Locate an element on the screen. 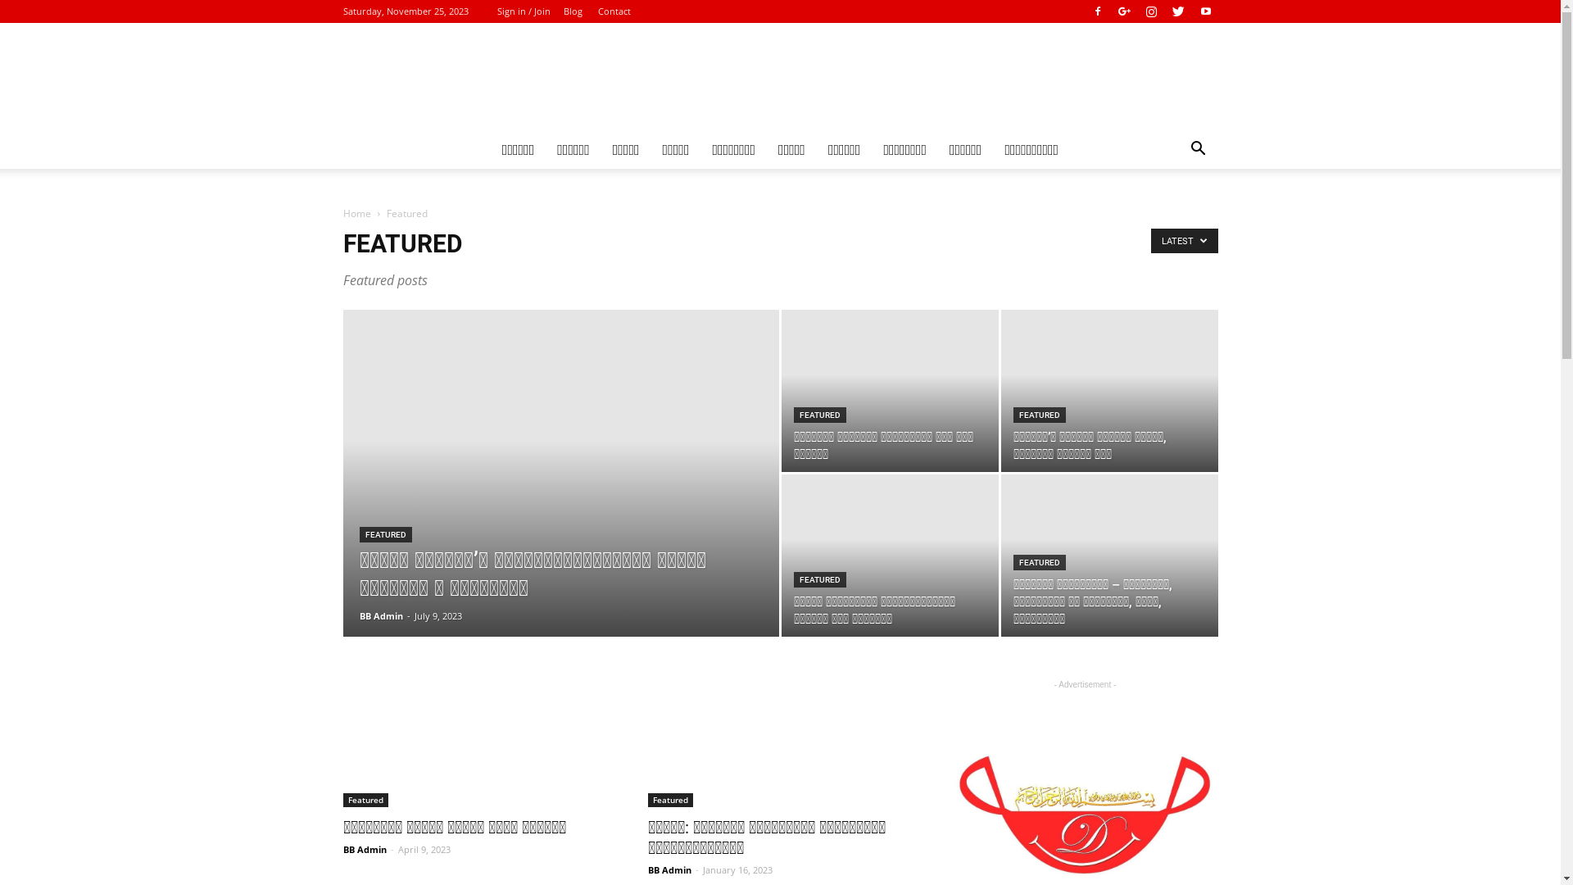 This screenshot has height=885, width=1573. 'Youtube' is located at coordinates (1204, 11).